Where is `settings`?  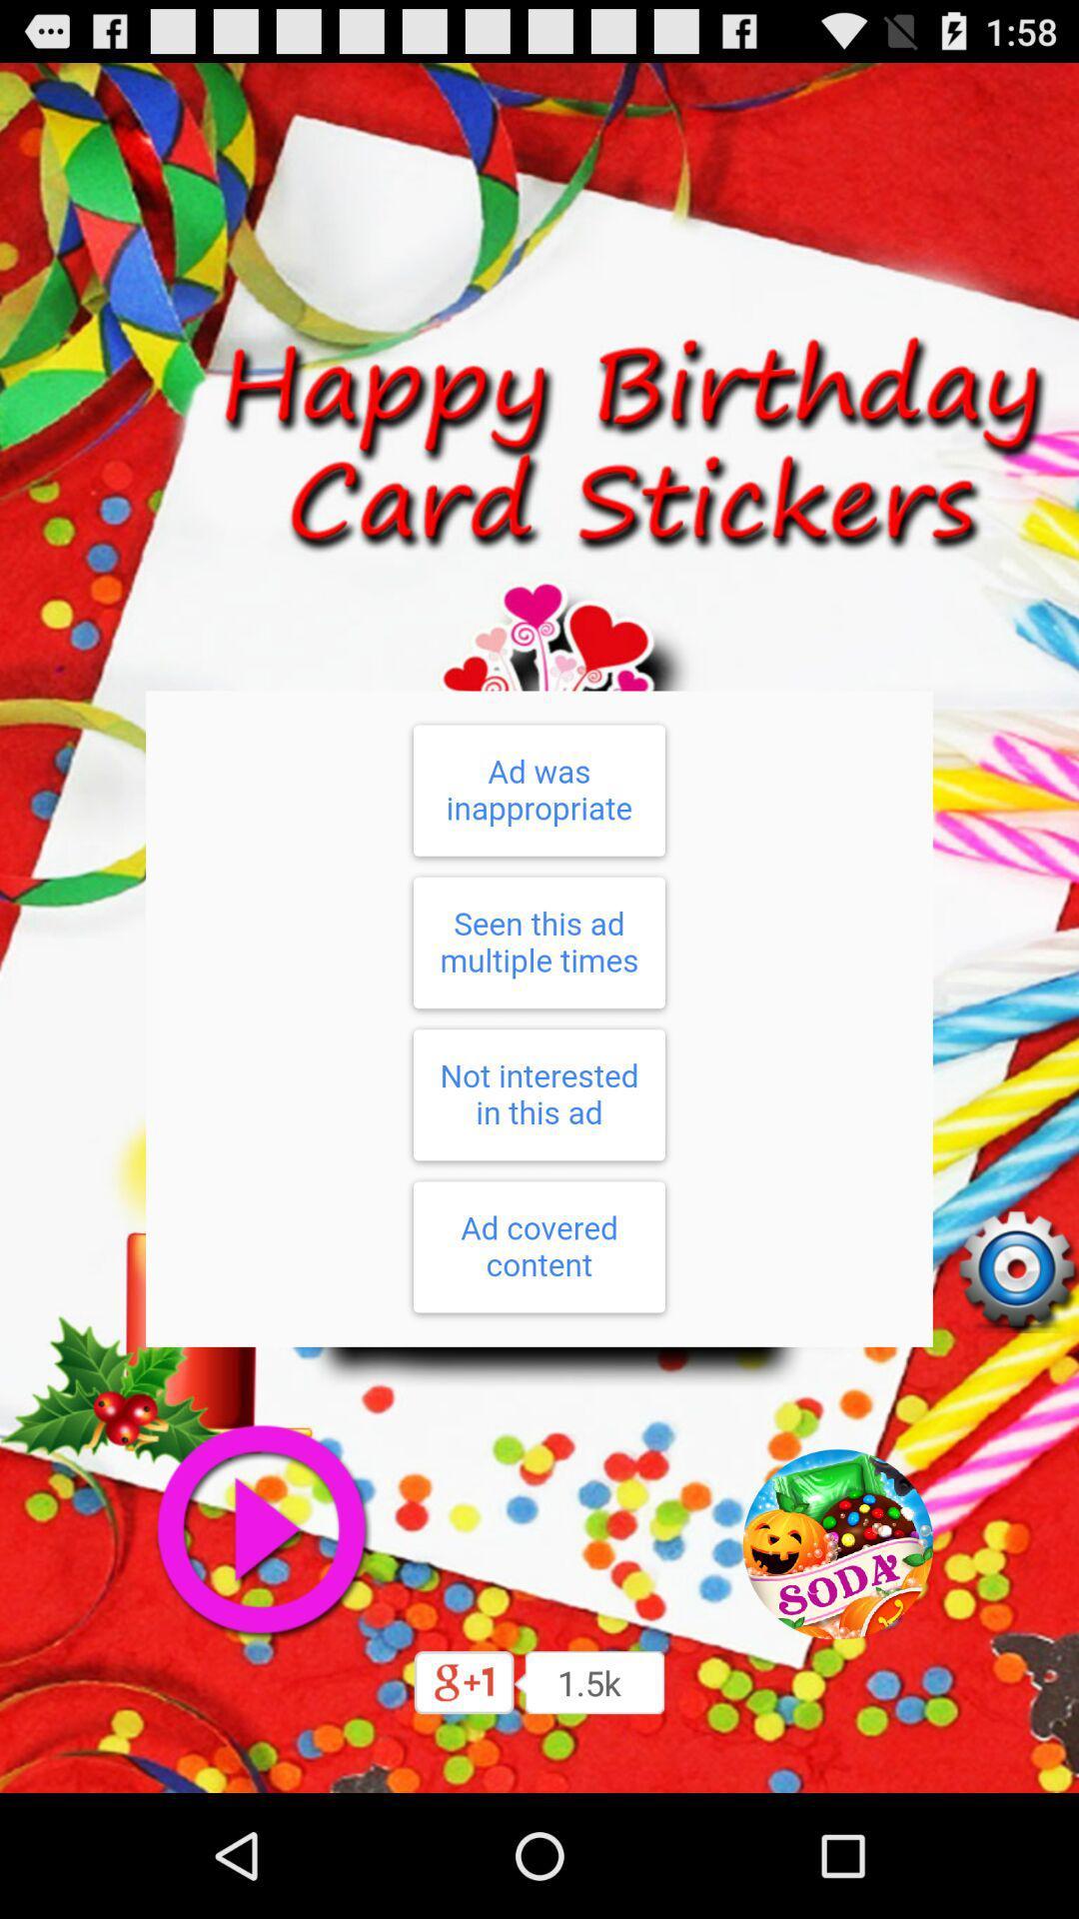
settings is located at coordinates (1016, 1269).